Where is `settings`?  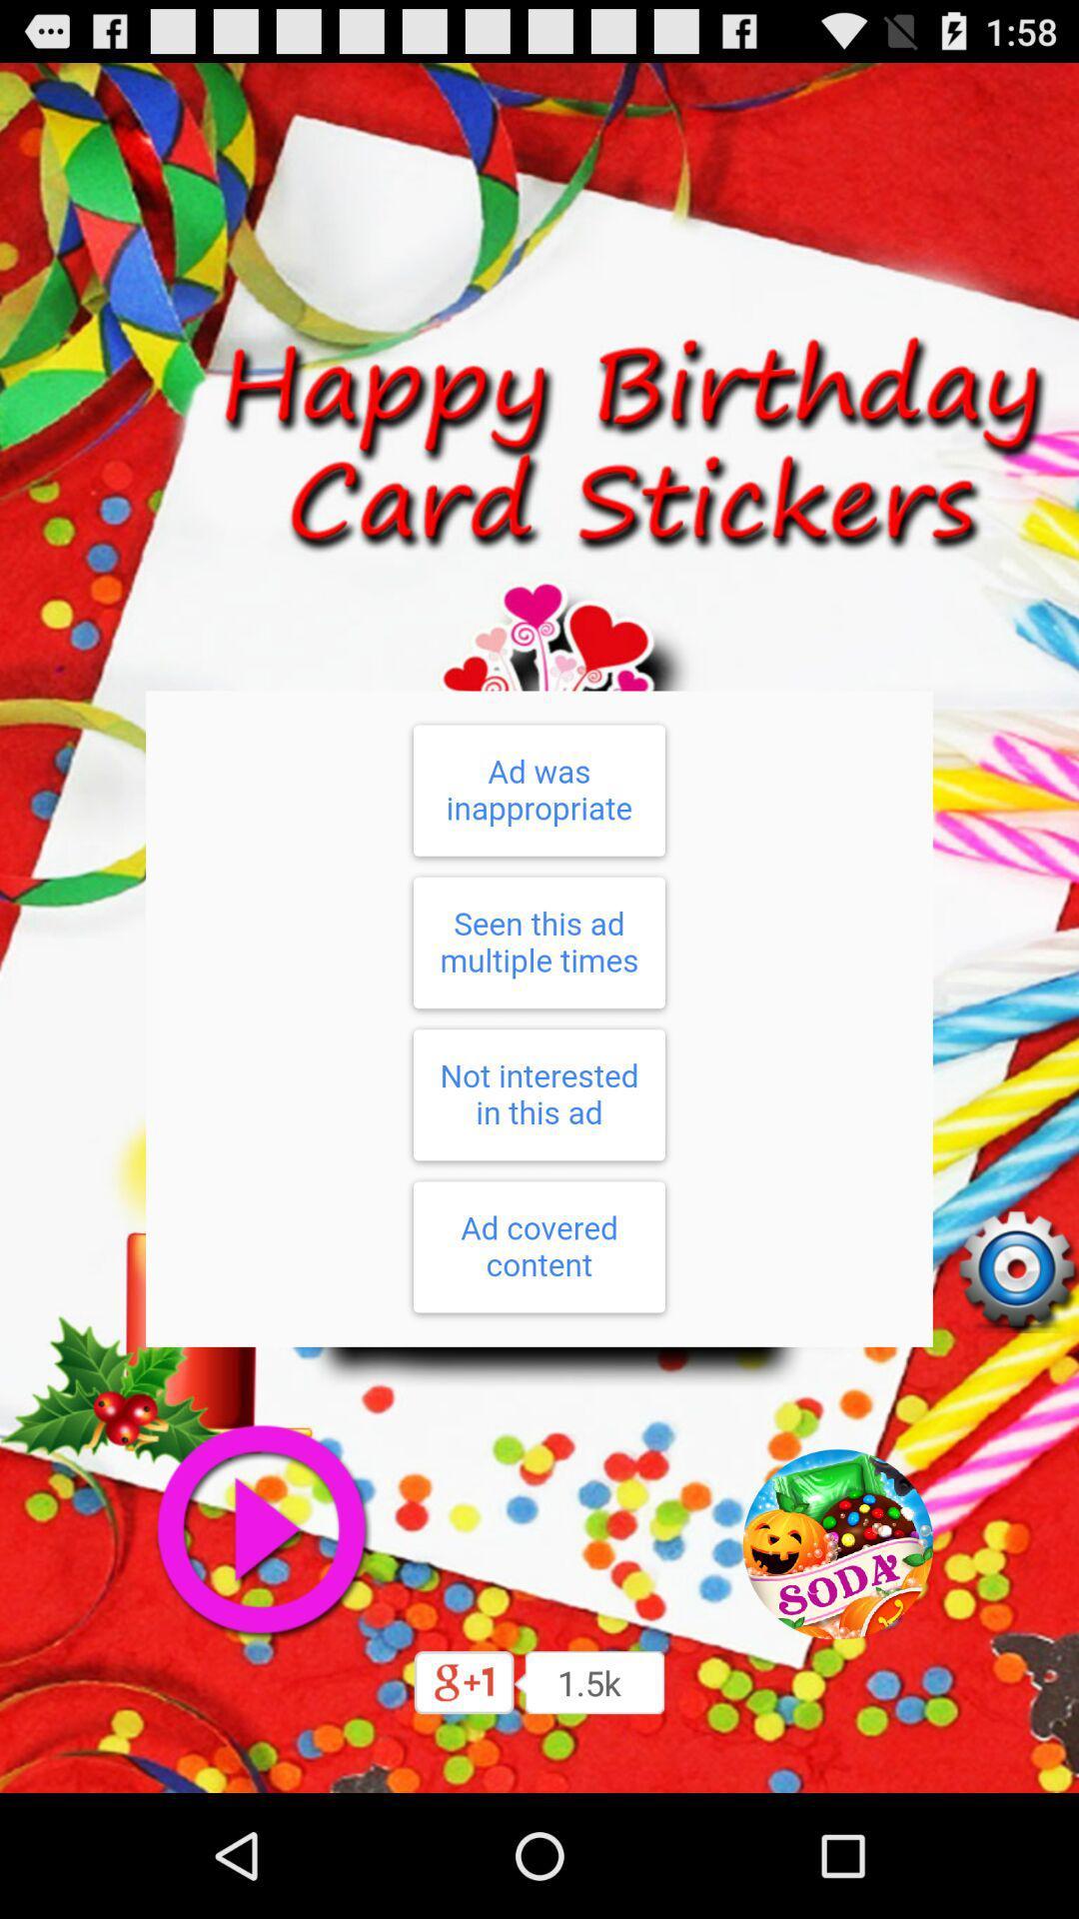
settings is located at coordinates (1016, 1269).